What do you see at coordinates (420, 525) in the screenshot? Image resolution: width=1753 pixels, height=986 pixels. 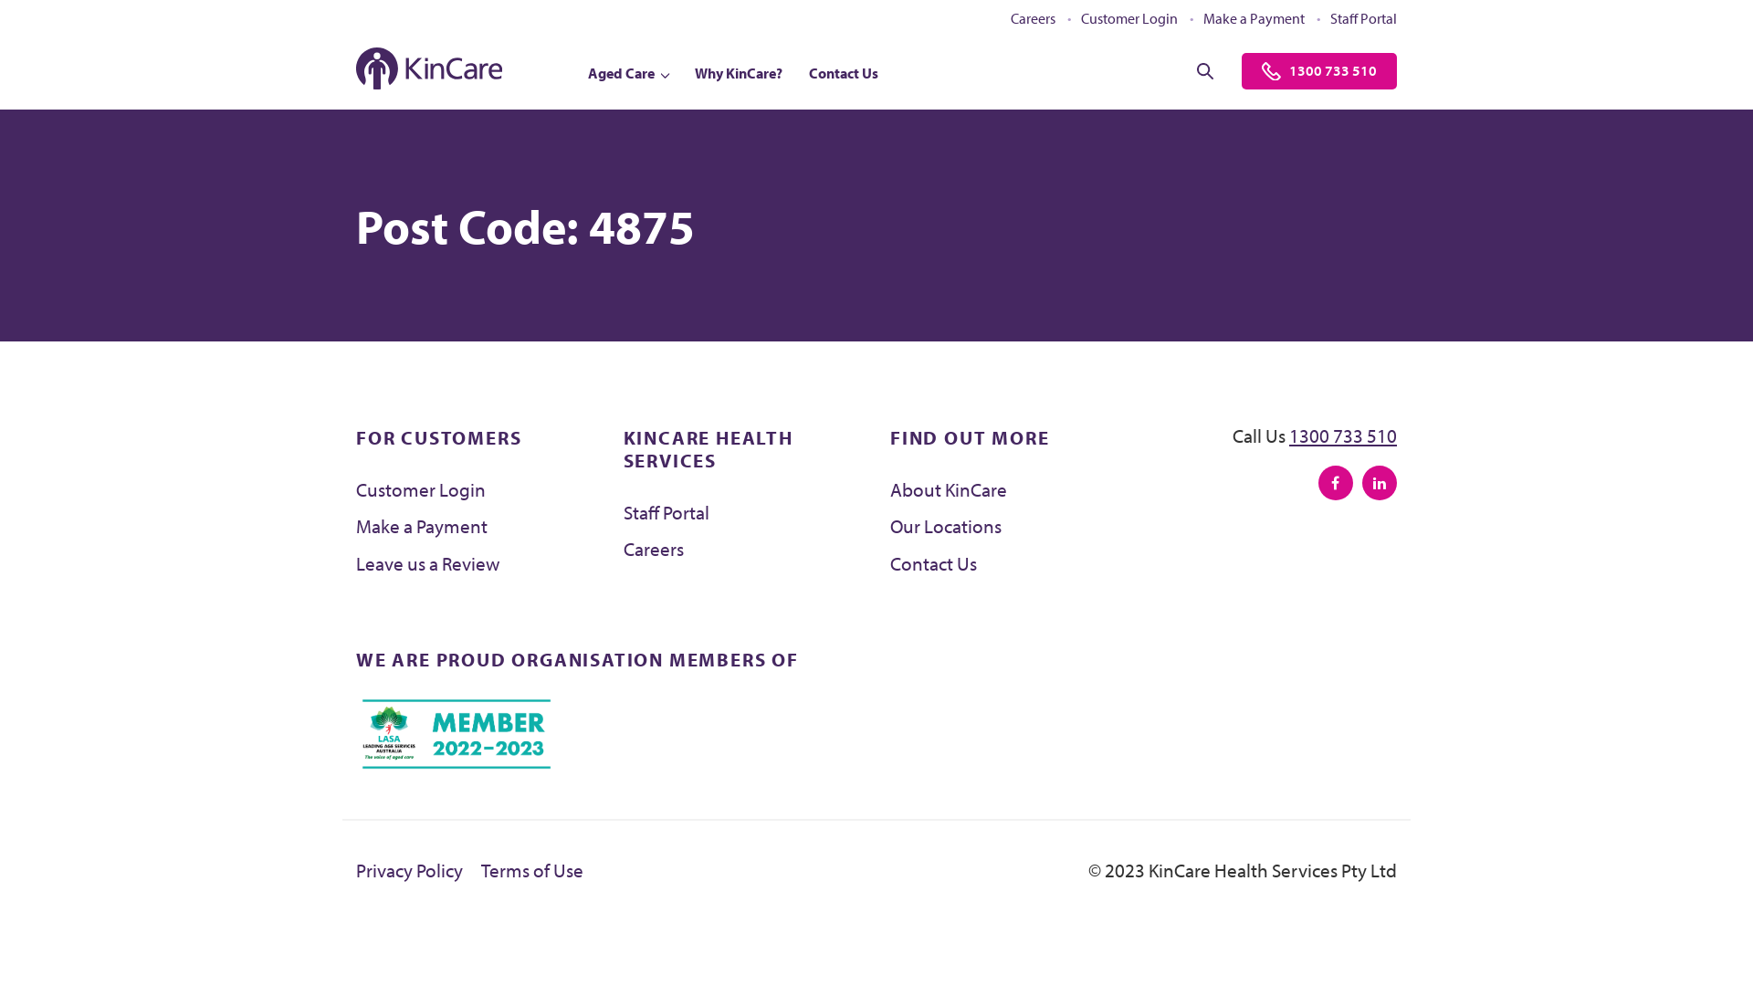 I see `'Make a Payment'` at bounding box center [420, 525].